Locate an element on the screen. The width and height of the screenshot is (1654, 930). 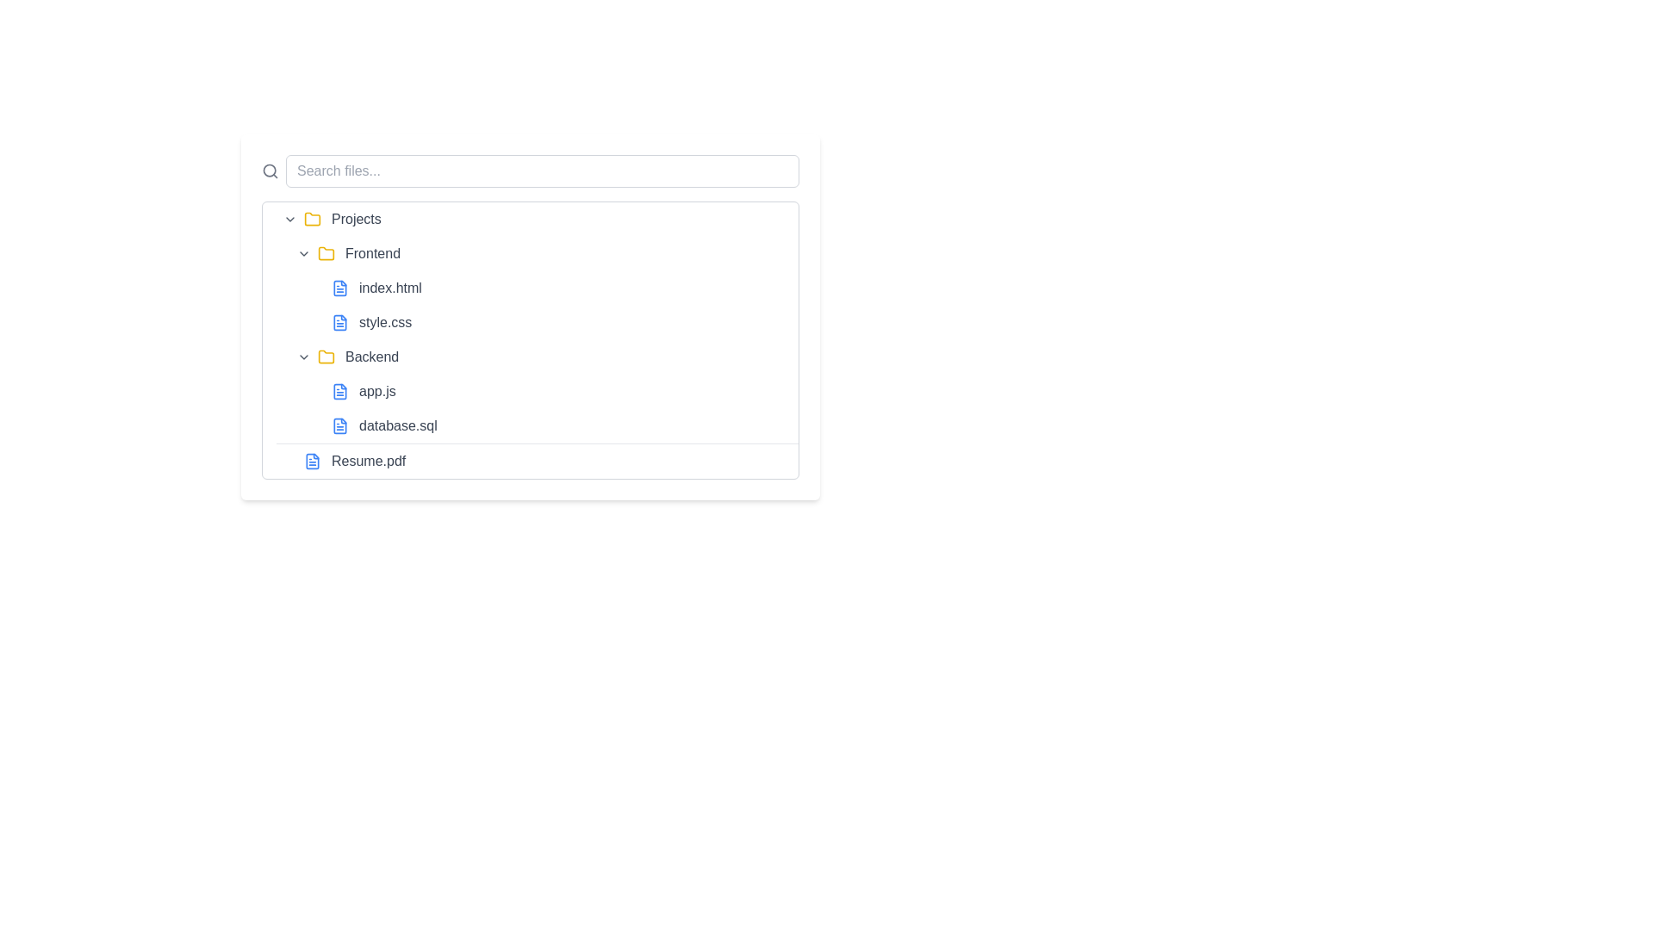
the toggle icon positioned to the left of the 'Frontend' label, which serves as an expand/collapse dropdown button for its associated sub-items is located at coordinates (304, 253).